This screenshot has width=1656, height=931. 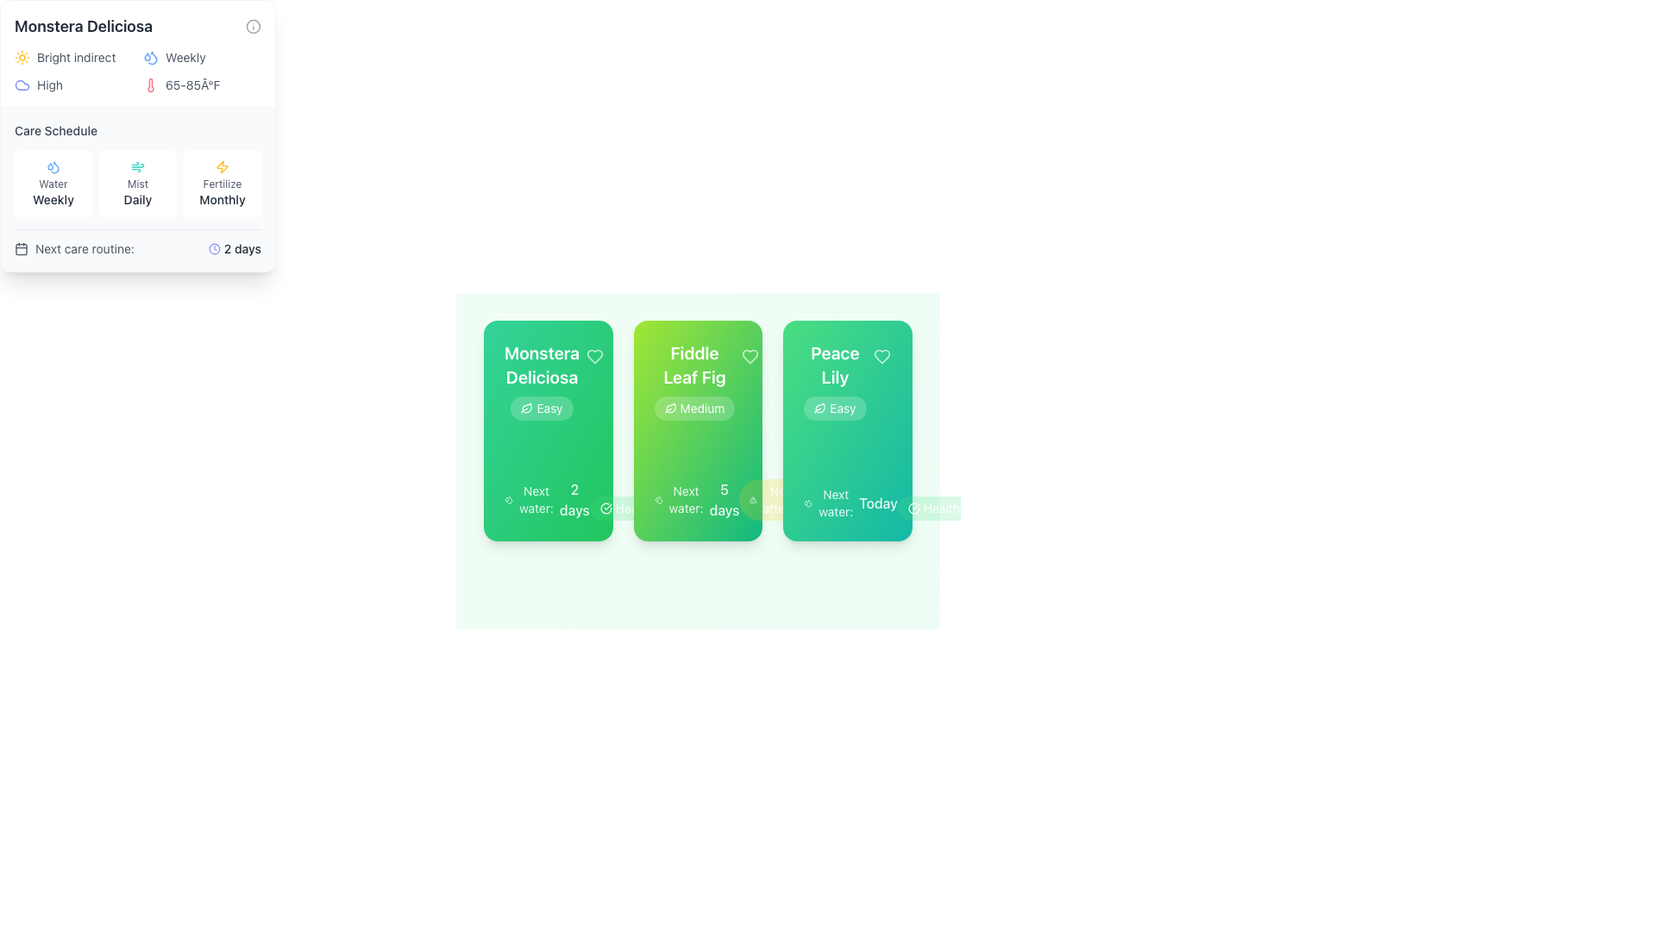 I want to click on the text display element that conveys the name 'Fiddle Leaf Fig' and its care level 'Medium', located at the center of the middle green card in a horizontal series of three cards, so click(x=694, y=380).